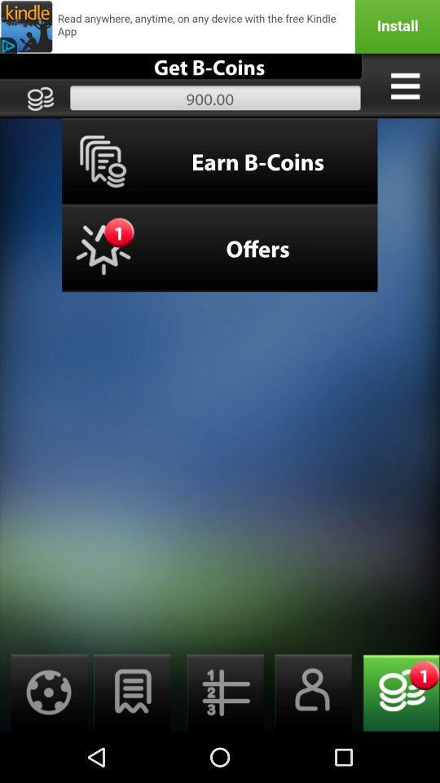 The width and height of the screenshot is (440, 783). What do you see at coordinates (131, 741) in the screenshot?
I see `the chat icon` at bounding box center [131, 741].